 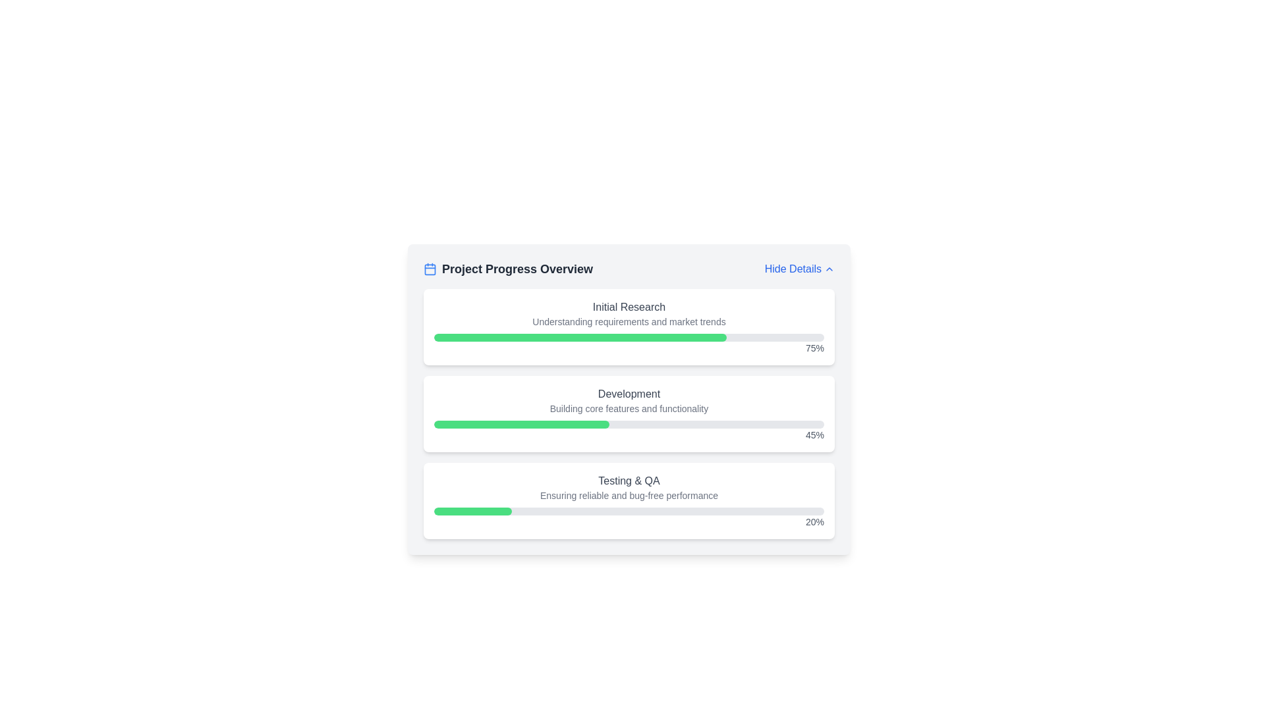 I want to click on the progress status of the green progress indicator located under the 'Development' section of the project progress overview, so click(x=521, y=424).